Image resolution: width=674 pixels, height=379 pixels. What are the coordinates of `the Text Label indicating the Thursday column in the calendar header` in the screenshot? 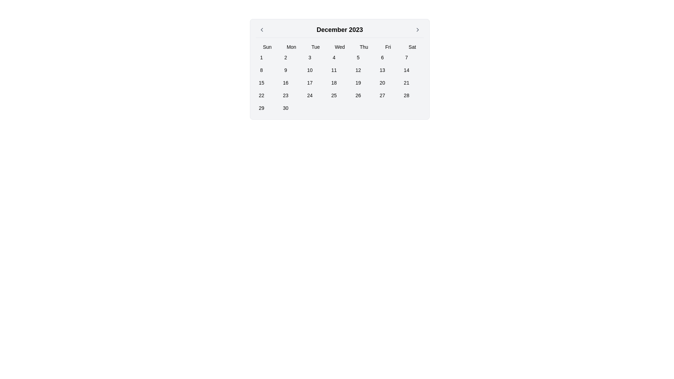 It's located at (364, 47).